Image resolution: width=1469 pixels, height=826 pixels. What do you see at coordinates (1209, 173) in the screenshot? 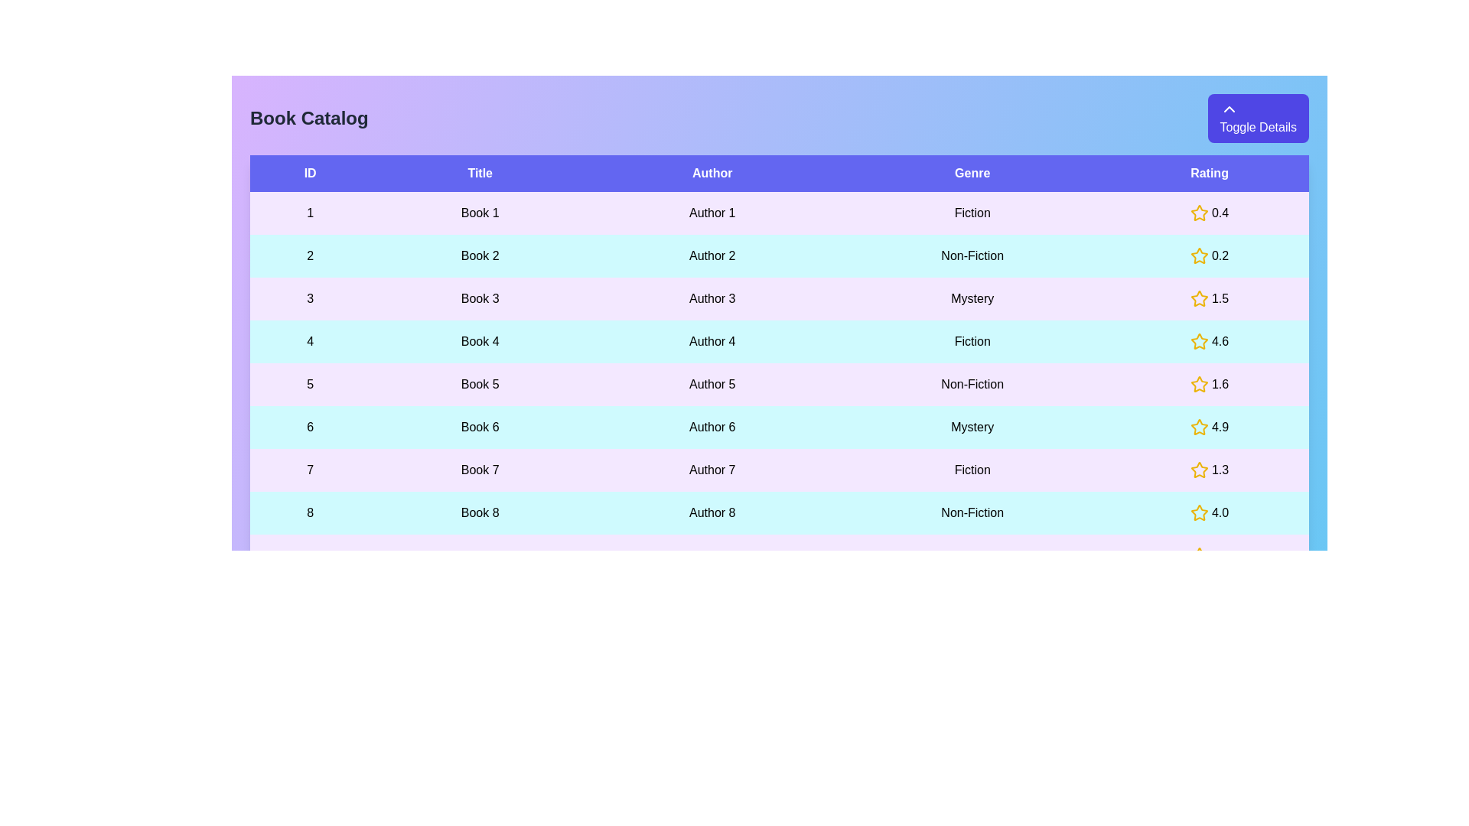
I see `the header of the column to sort the table by Rating` at bounding box center [1209, 173].